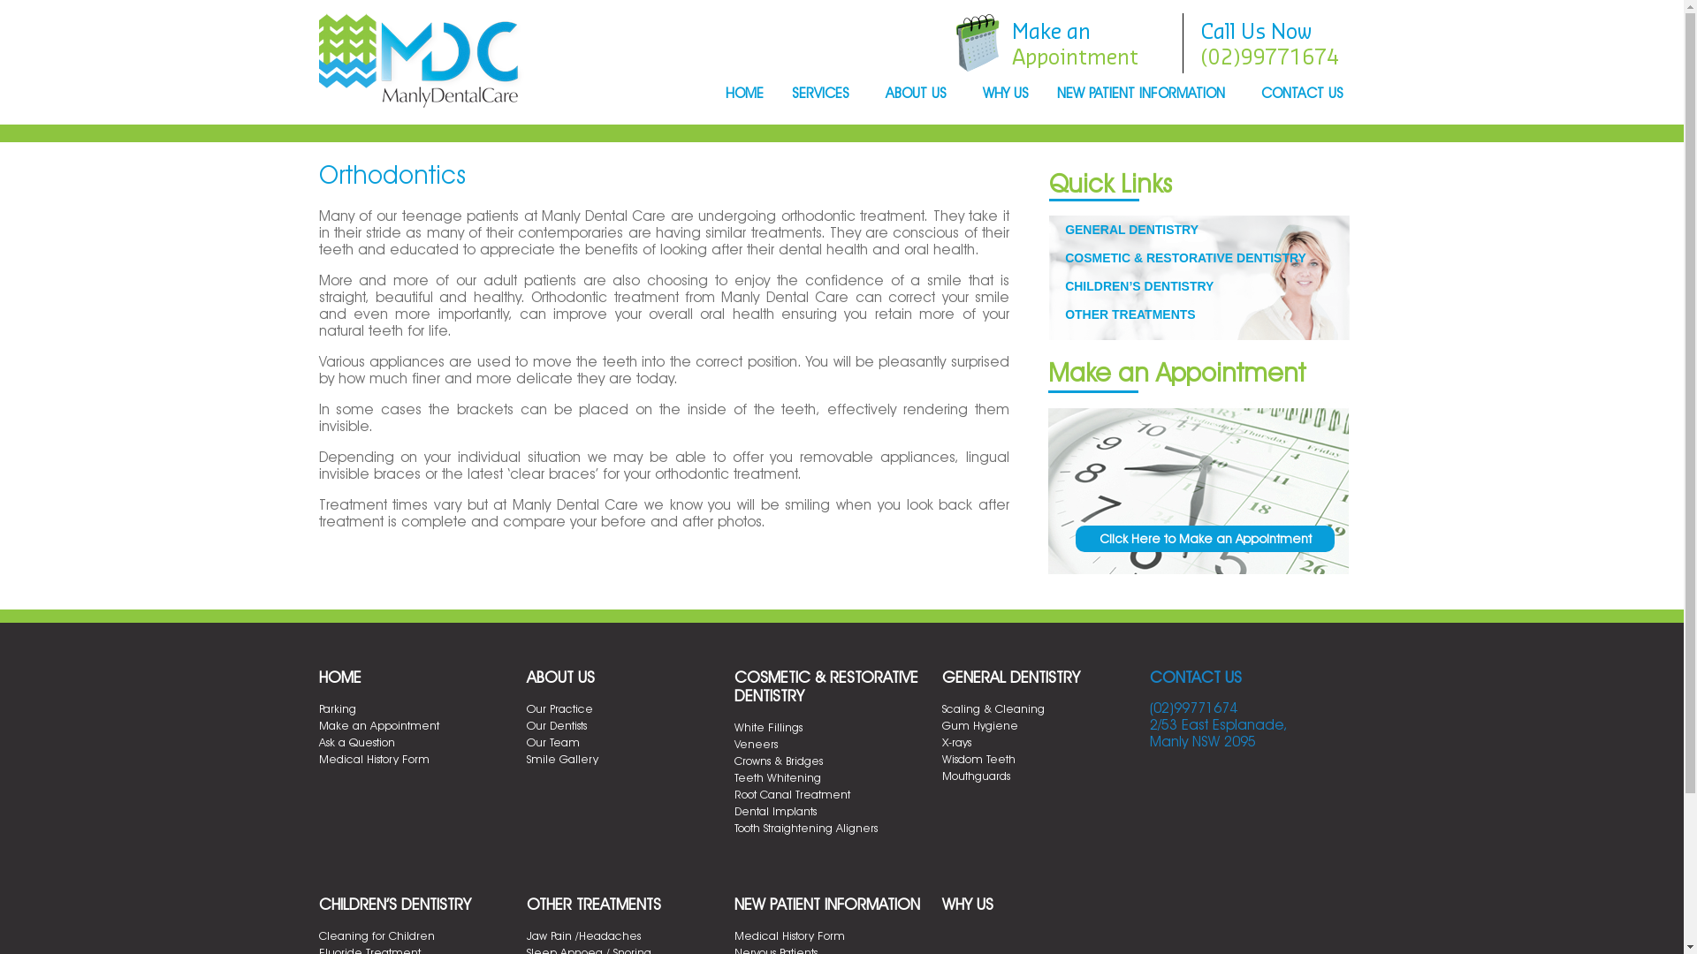  Describe the element at coordinates (774, 811) in the screenshot. I see `'Dental Implants'` at that location.